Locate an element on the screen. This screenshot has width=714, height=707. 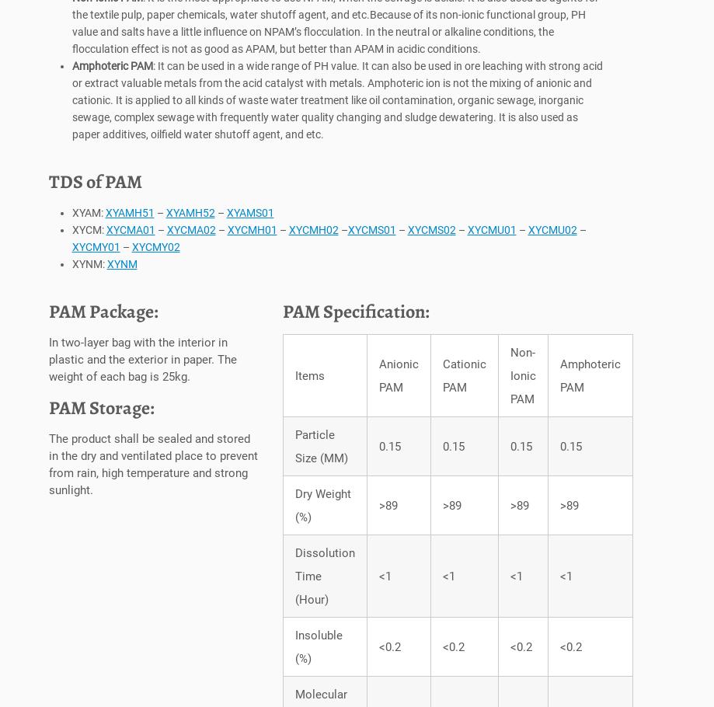
'Cationic PAM' is located at coordinates (442, 379).